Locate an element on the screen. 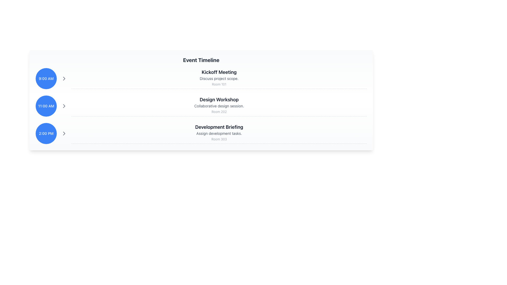  the text label that serves as the title for the meeting details occurring at 9:00 AM, positioned at the top of the section labeled '9:00 AM' is located at coordinates (219, 72).